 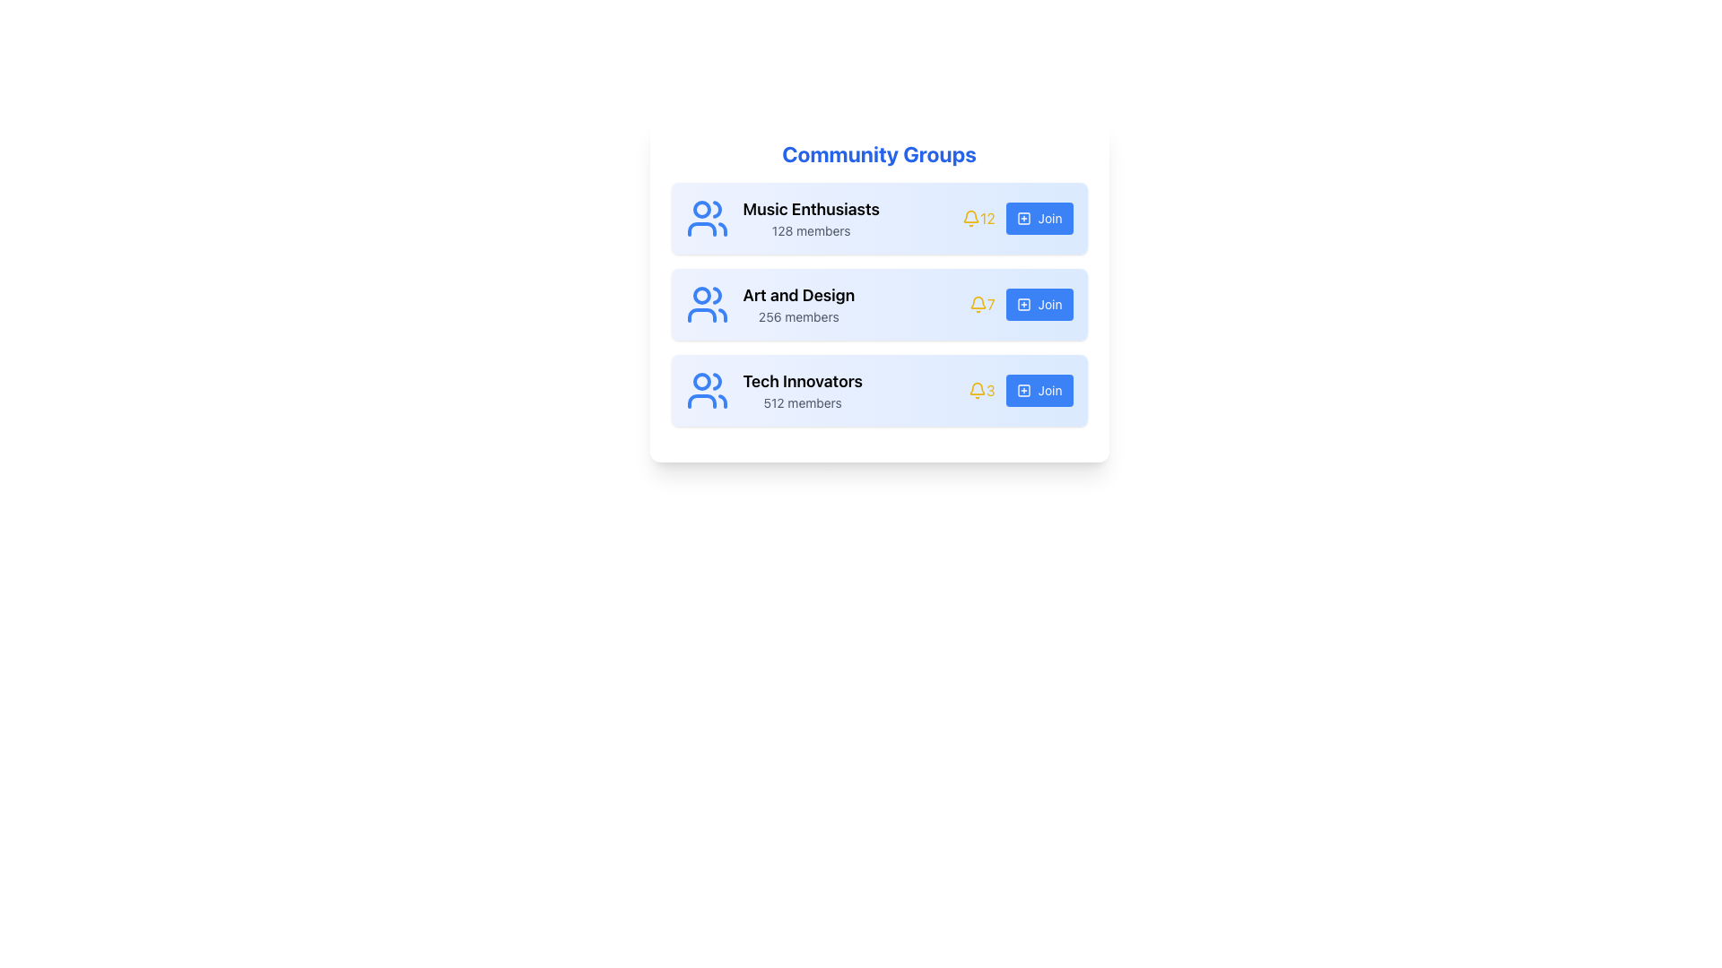 I want to click on the 'Join' button, which is a blue rectangular-rounded button with white text and a '+' icon, located, so click(x=1039, y=389).